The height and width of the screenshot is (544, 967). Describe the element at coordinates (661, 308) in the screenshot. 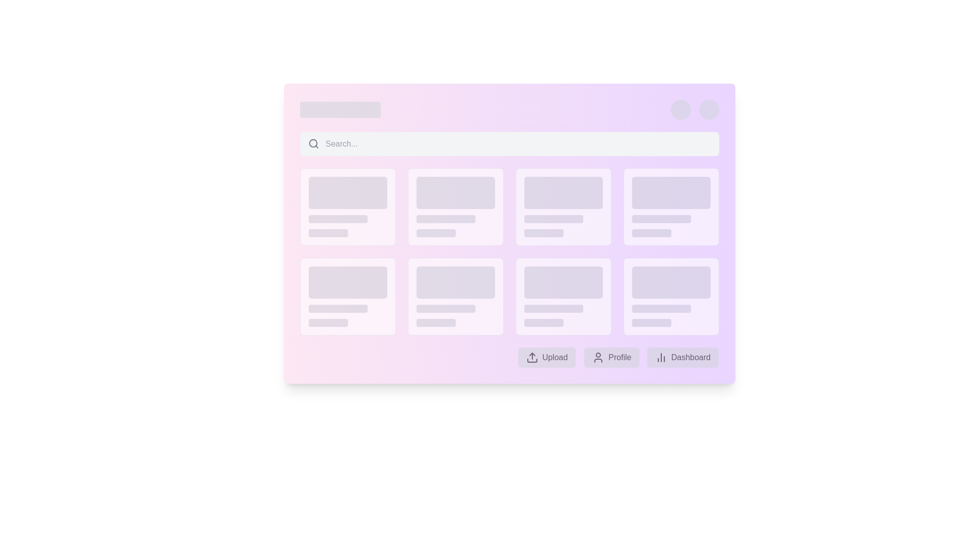

I see `the placeholder or progress bar element, which is a horizontal rounded rectangle with a gray background, positioned centrally in the card-like layout` at that location.